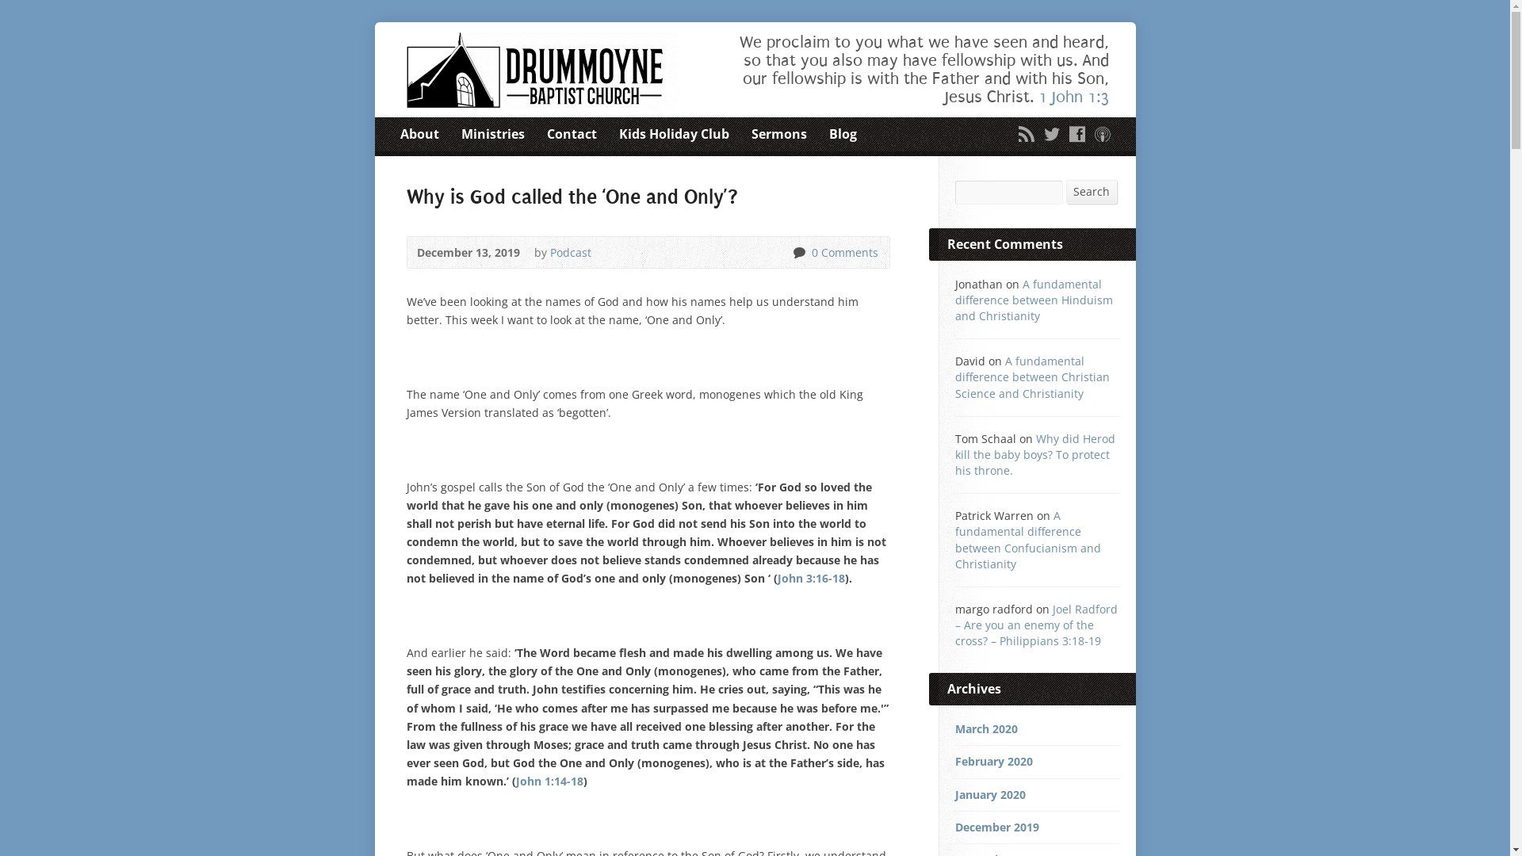  What do you see at coordinates (571, 251) in the screenshot?
I see `'Podcast'` at bounding box center [571, 251].